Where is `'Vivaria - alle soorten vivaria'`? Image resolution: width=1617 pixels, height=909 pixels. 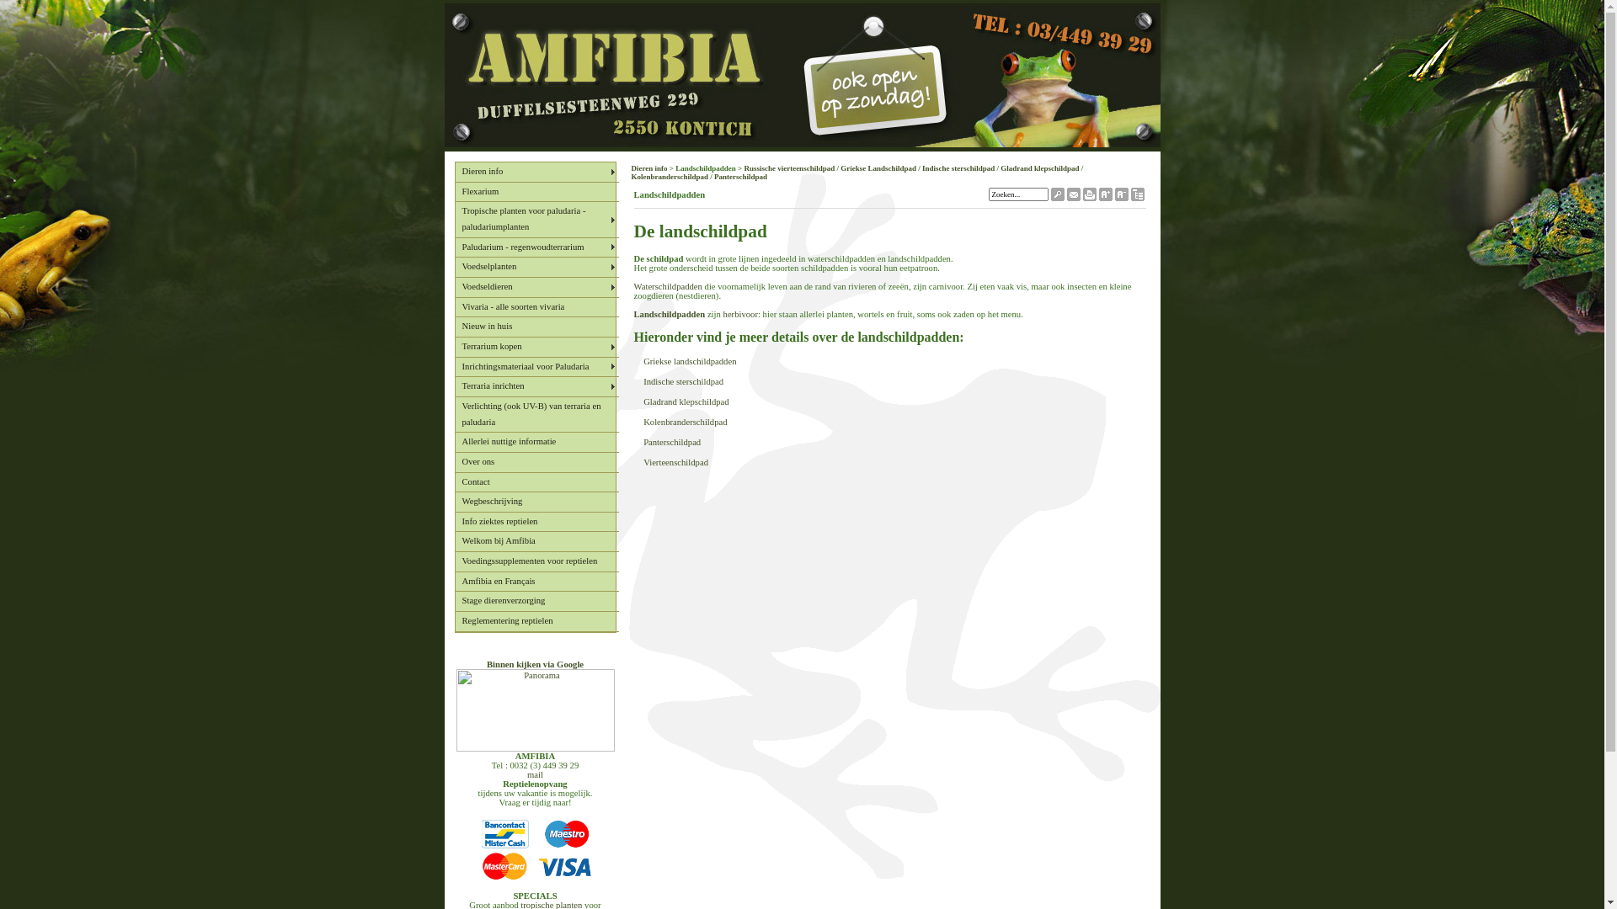 'Vivaria - alle soorten vivaria' is located at coordinates (536, 308).